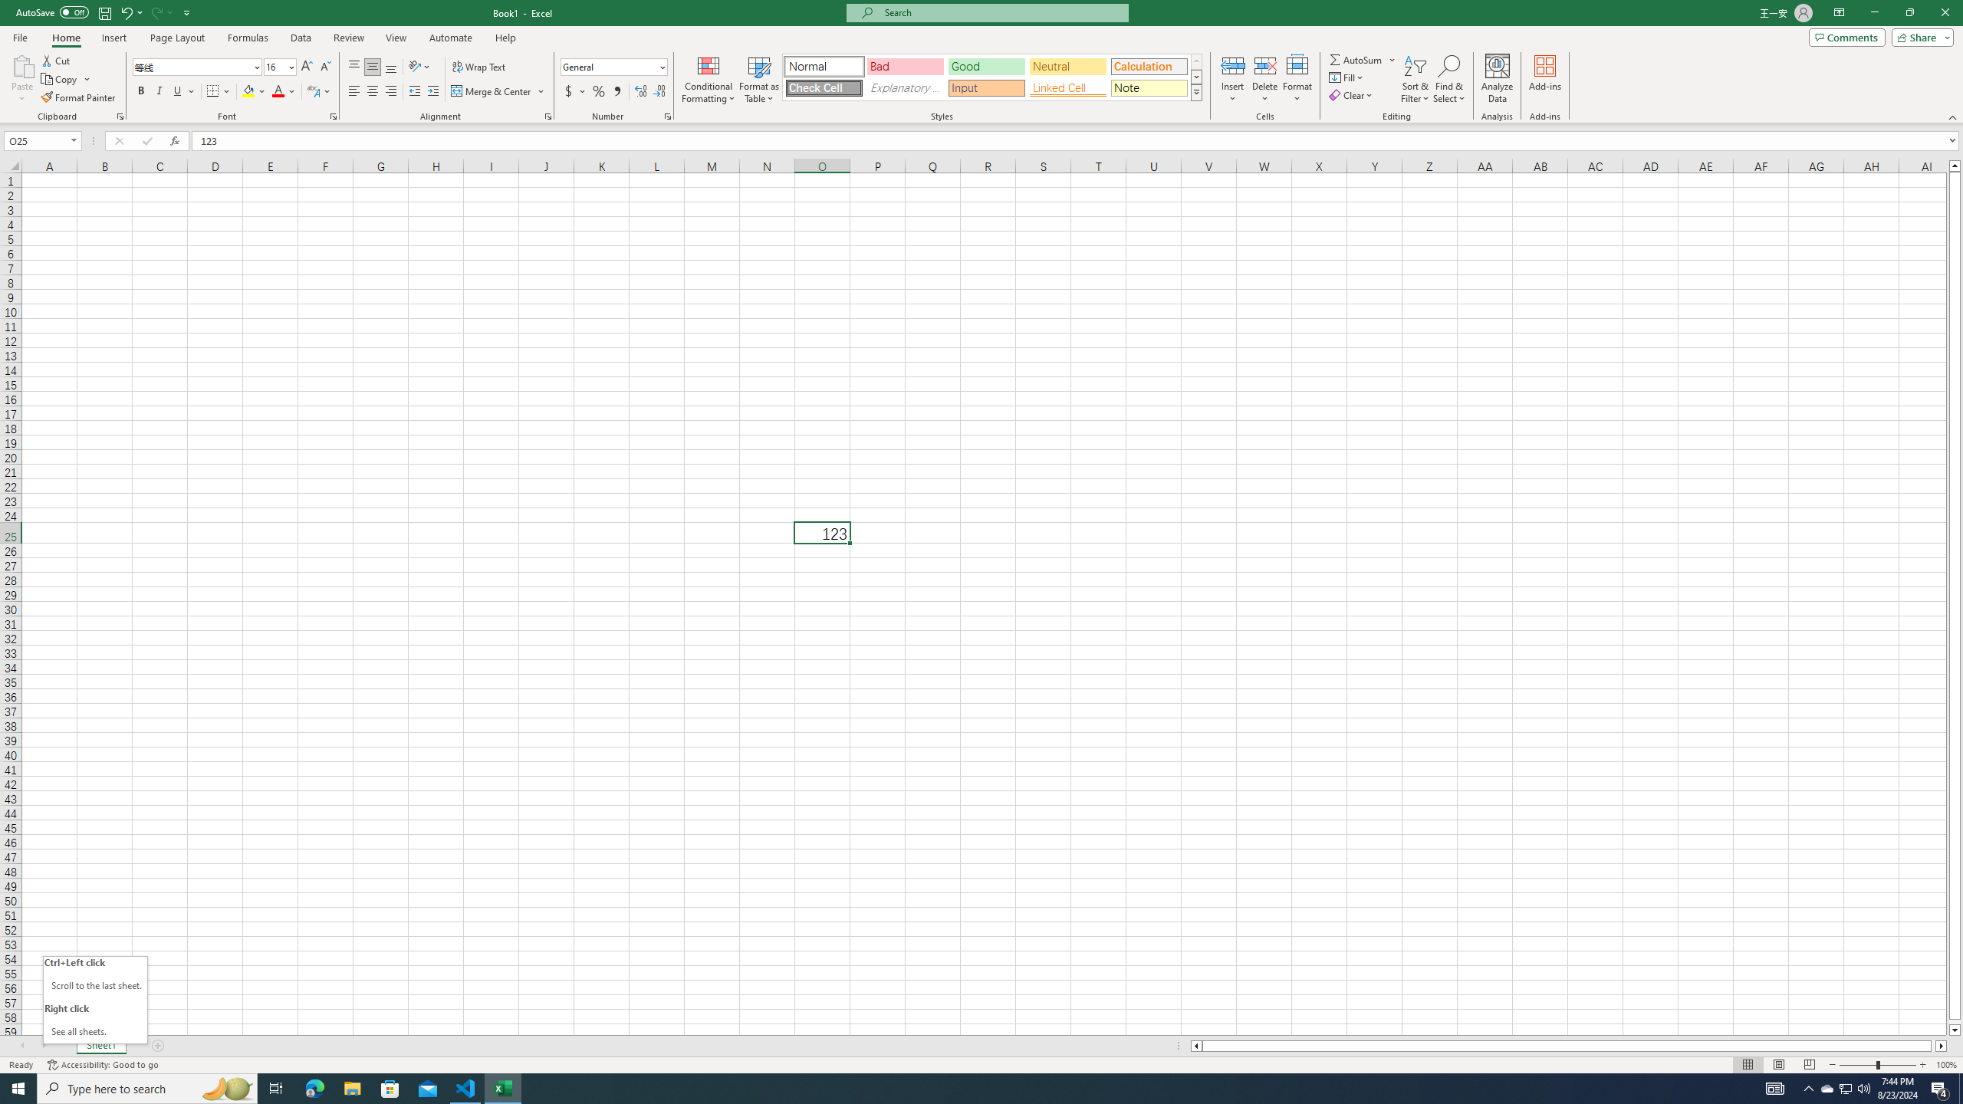  Describe the element at coordinates (640, 90) in the screenshot. I see `'Increase Decimal'` at that location.